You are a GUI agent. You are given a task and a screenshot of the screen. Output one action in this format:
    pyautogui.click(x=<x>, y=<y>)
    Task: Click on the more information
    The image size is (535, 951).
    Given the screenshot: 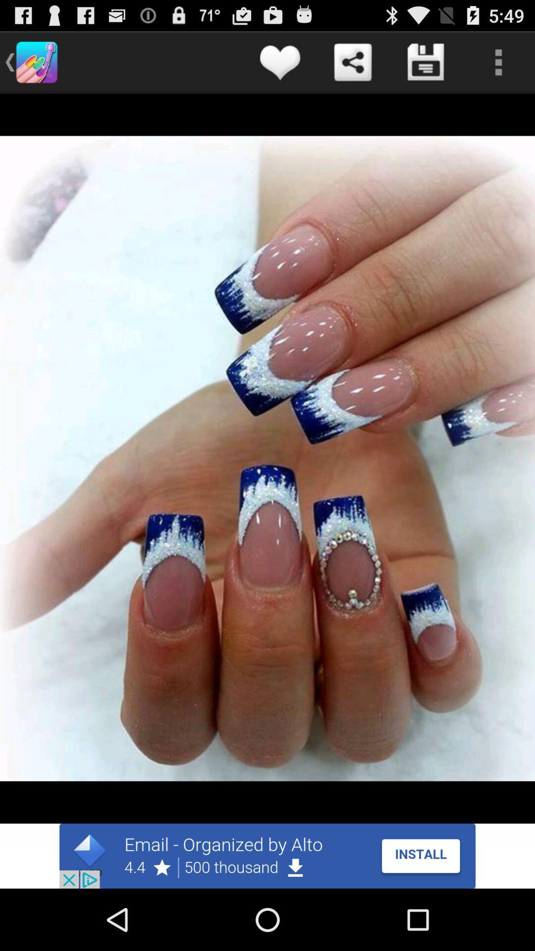 What is the action you would take?
    pyautogui.click(x=498, y=61)
    